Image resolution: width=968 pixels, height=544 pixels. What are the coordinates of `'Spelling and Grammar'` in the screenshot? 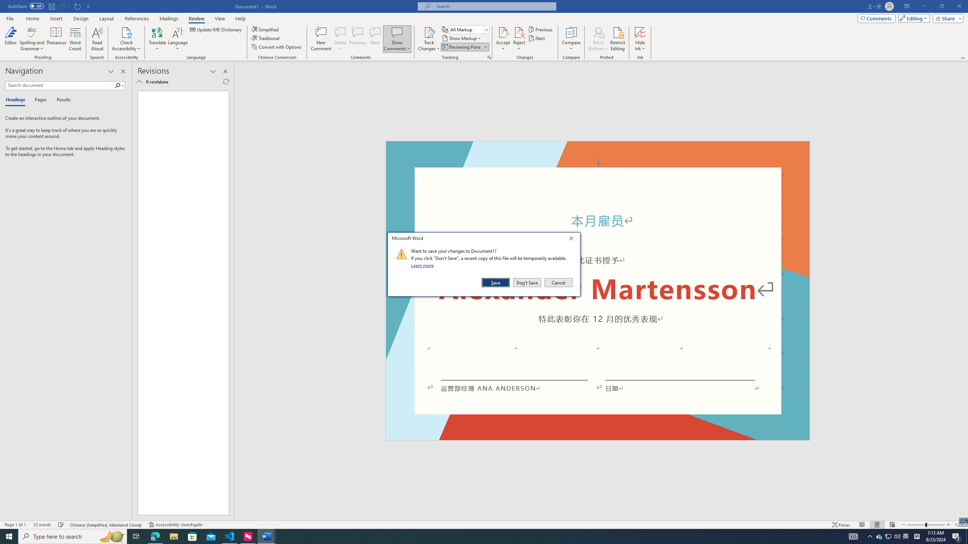 It's located at (32, 39).